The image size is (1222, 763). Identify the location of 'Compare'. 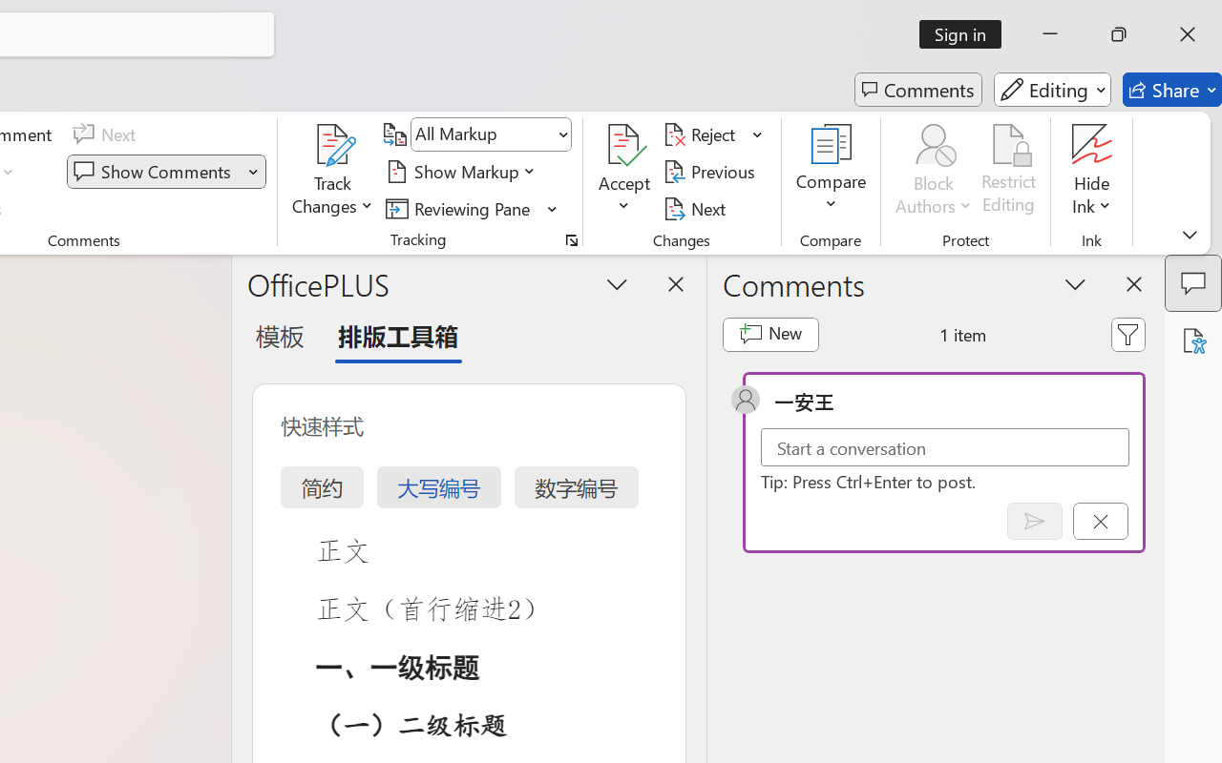
(832, 171).